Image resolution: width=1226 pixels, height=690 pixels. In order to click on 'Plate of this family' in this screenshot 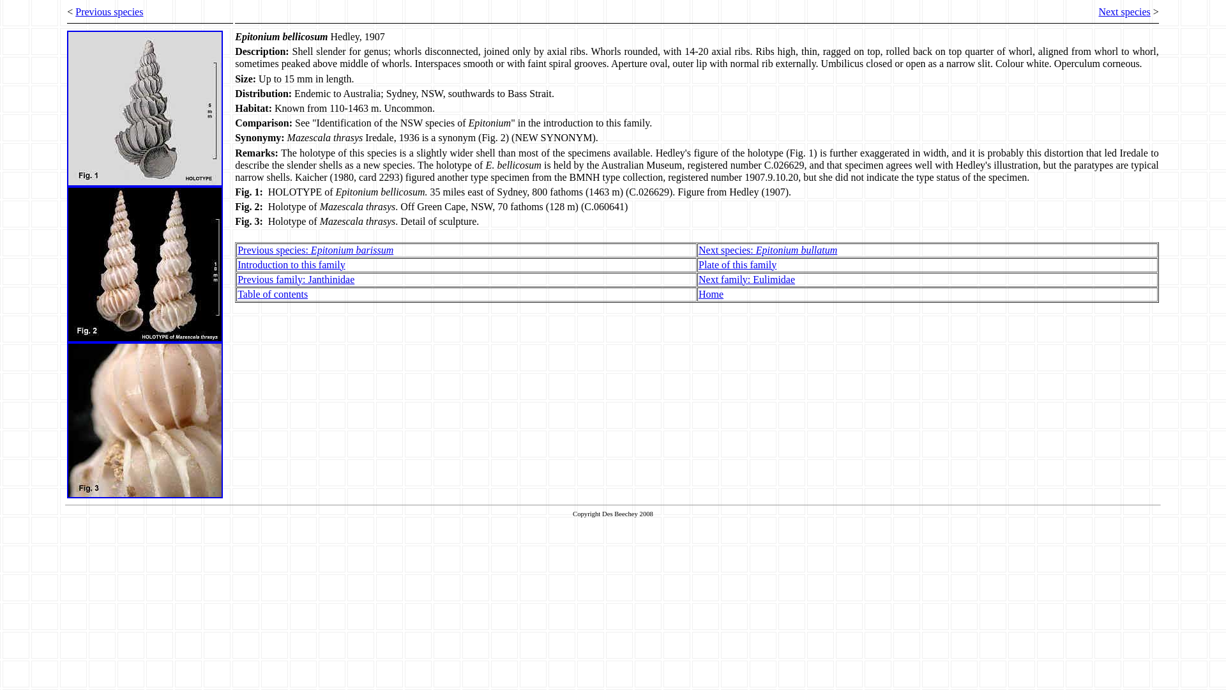, I will do `click(738, 264)`.